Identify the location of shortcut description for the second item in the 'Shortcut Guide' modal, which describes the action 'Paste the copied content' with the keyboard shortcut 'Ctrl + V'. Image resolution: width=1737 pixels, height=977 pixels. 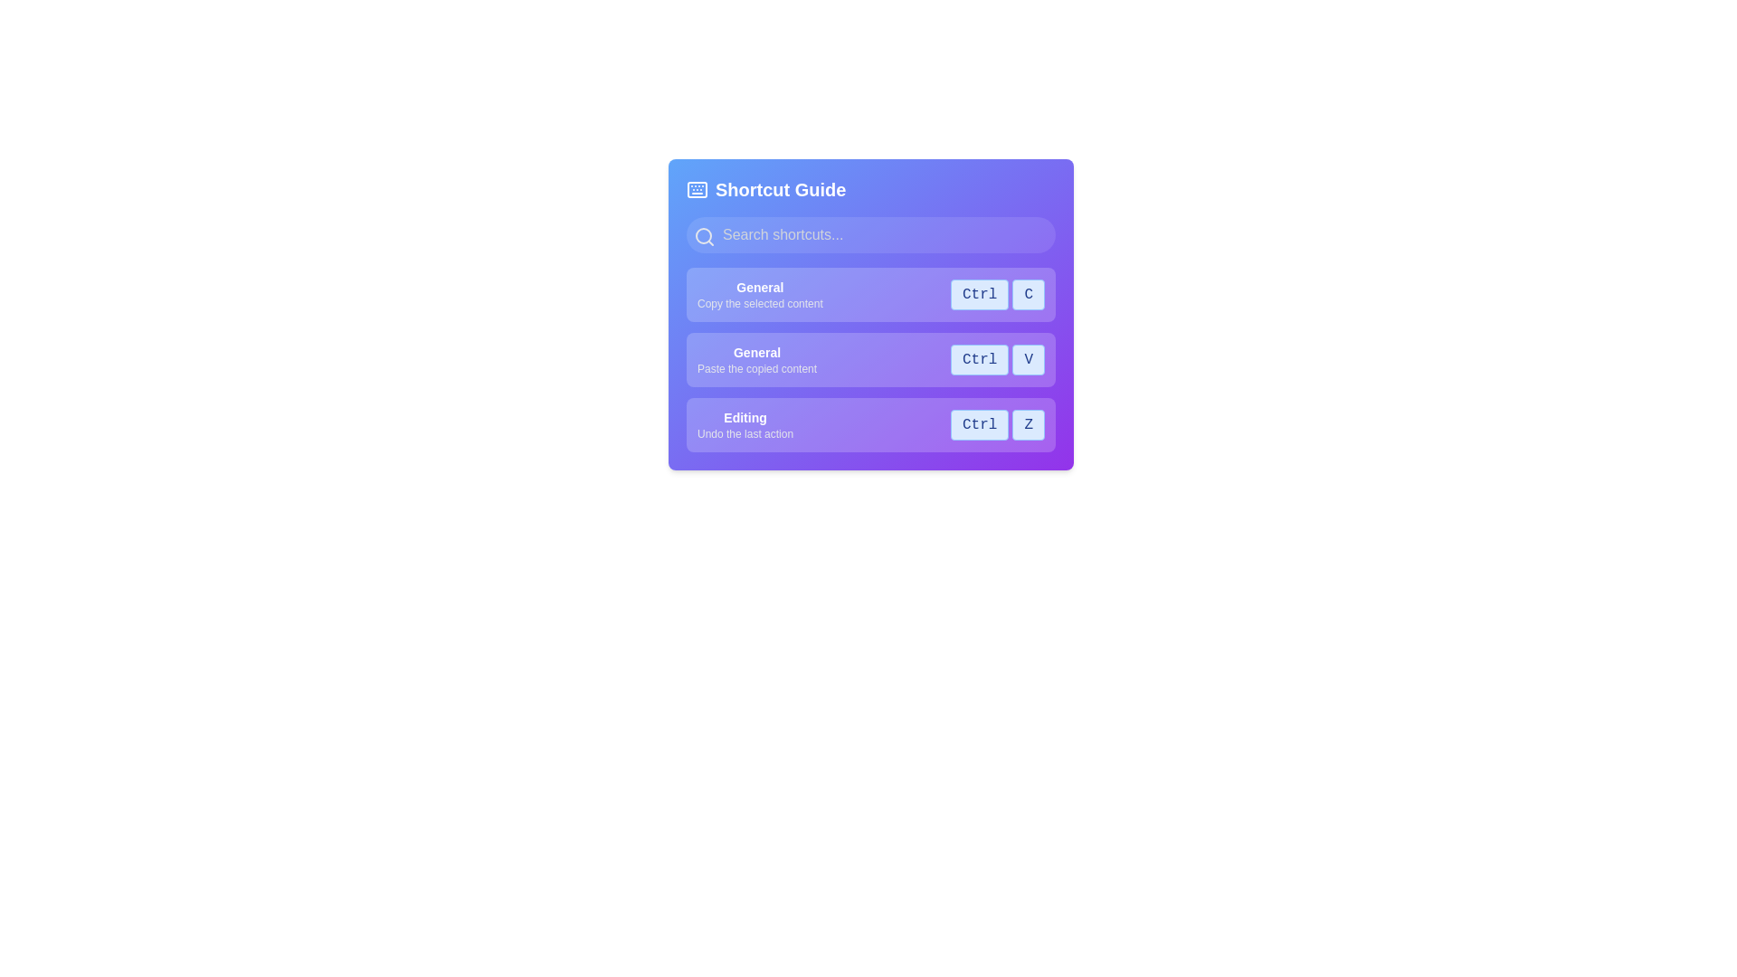
(871, 359).